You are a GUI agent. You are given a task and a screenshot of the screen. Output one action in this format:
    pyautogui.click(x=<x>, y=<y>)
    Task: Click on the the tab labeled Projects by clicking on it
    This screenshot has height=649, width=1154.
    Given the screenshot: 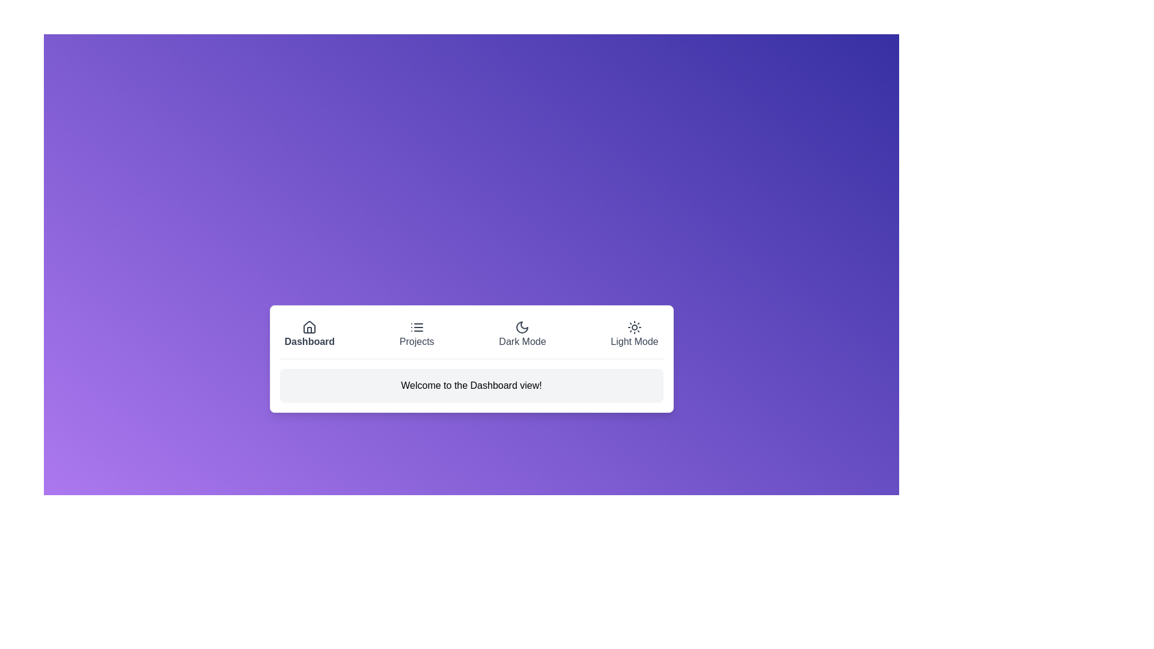 What is the action you would take?
    pyautogui.click(x=417, y=334)
    